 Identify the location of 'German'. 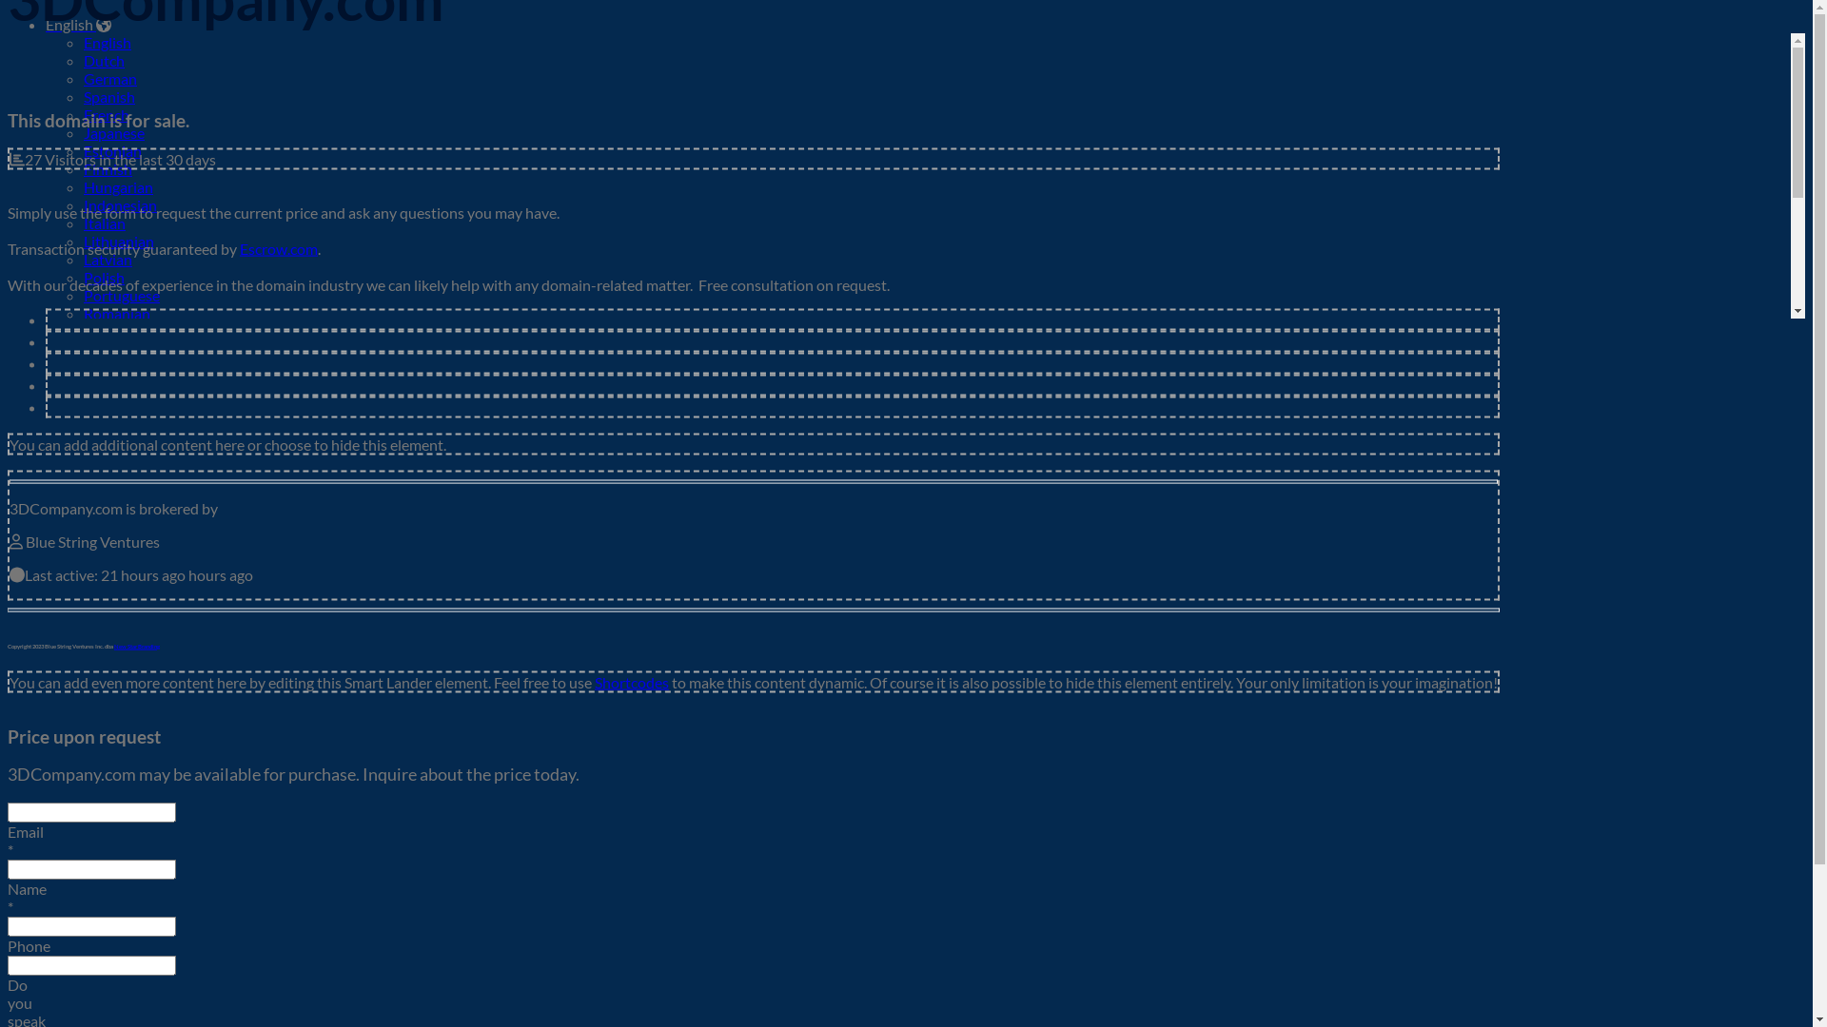
(108, 77).